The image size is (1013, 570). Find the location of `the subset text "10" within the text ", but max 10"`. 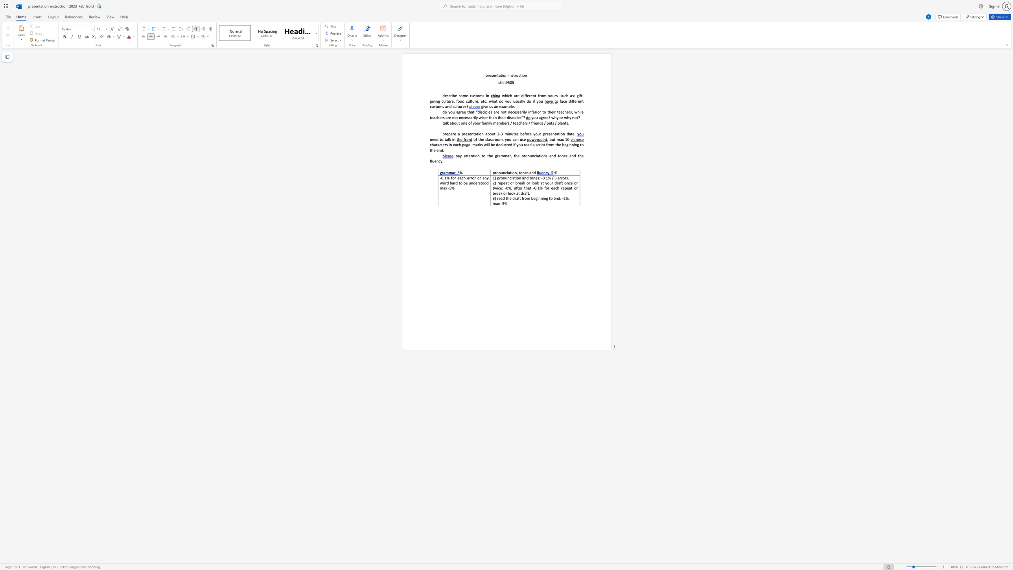

the subset text "10" within the text ", but max 10" is located at coordinates (565, 139).